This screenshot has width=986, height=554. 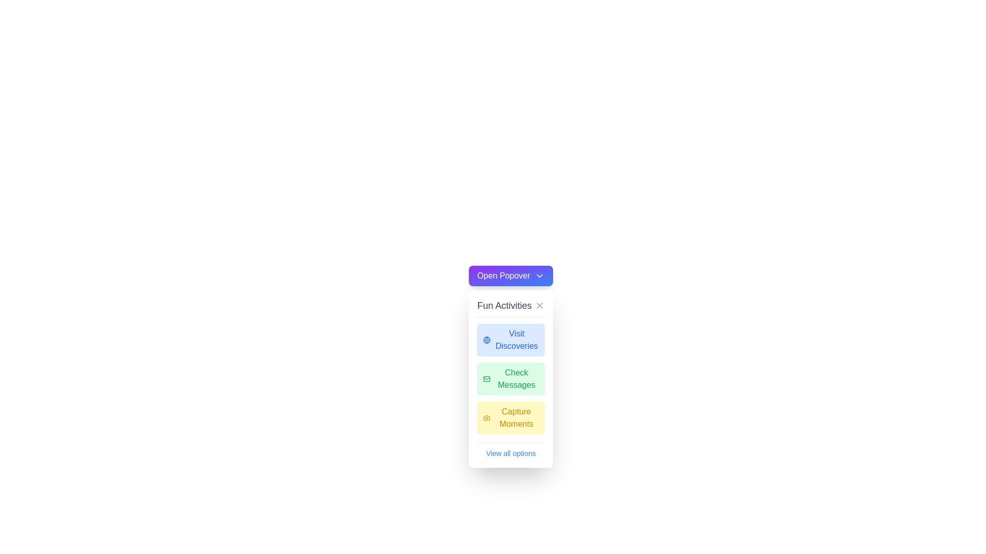 What do you see at coordinates (486, 418) in the screenshot?
I see `the visual icon representing the 'Capture Moments' action, which is located to the left of the text within a yellow button` at bounding box center [486, 418].